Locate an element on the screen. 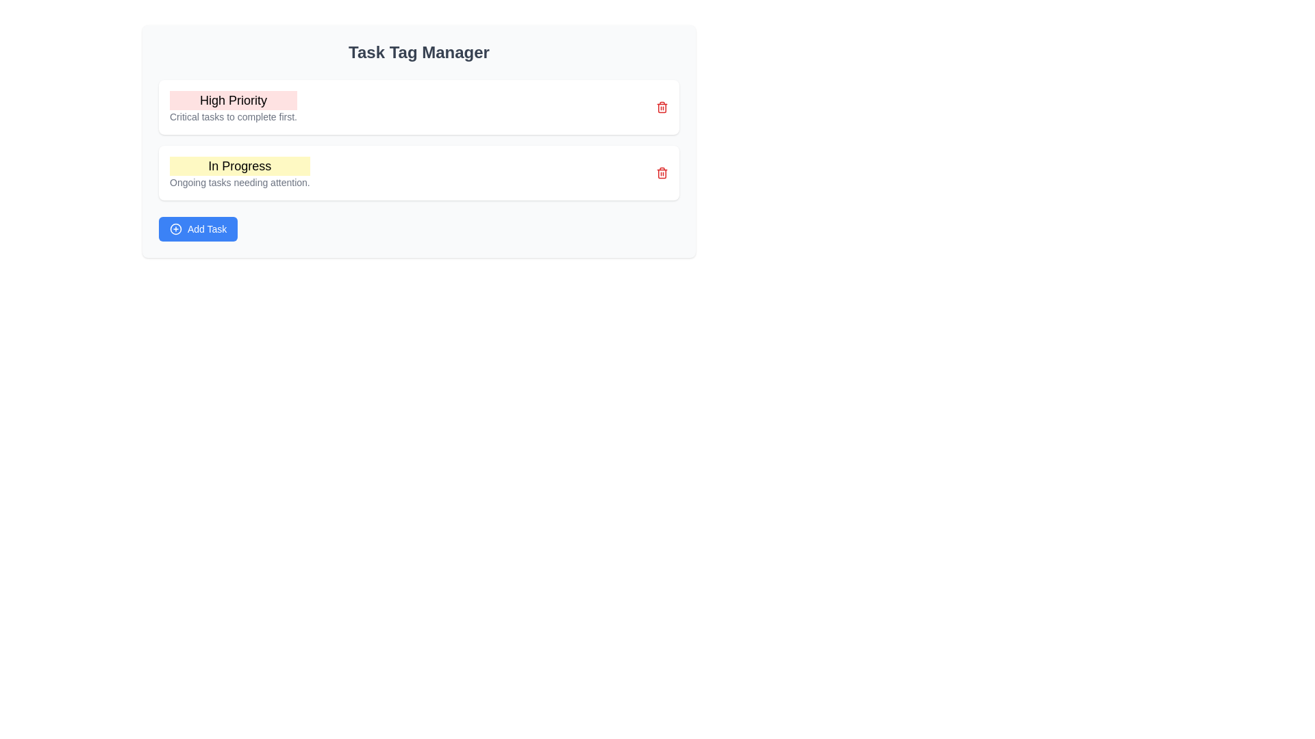  the circular graphical element that serves as the outer boundary of the 'Add Task' button's icon, which contains the cross symbol for adding a new task is located at coordinates (175, 229).